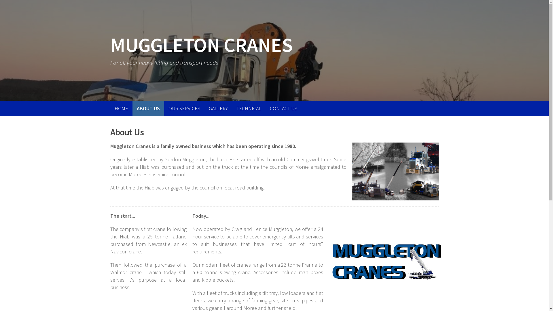  I want to click on 'ABOUT US', so click(148, 109).